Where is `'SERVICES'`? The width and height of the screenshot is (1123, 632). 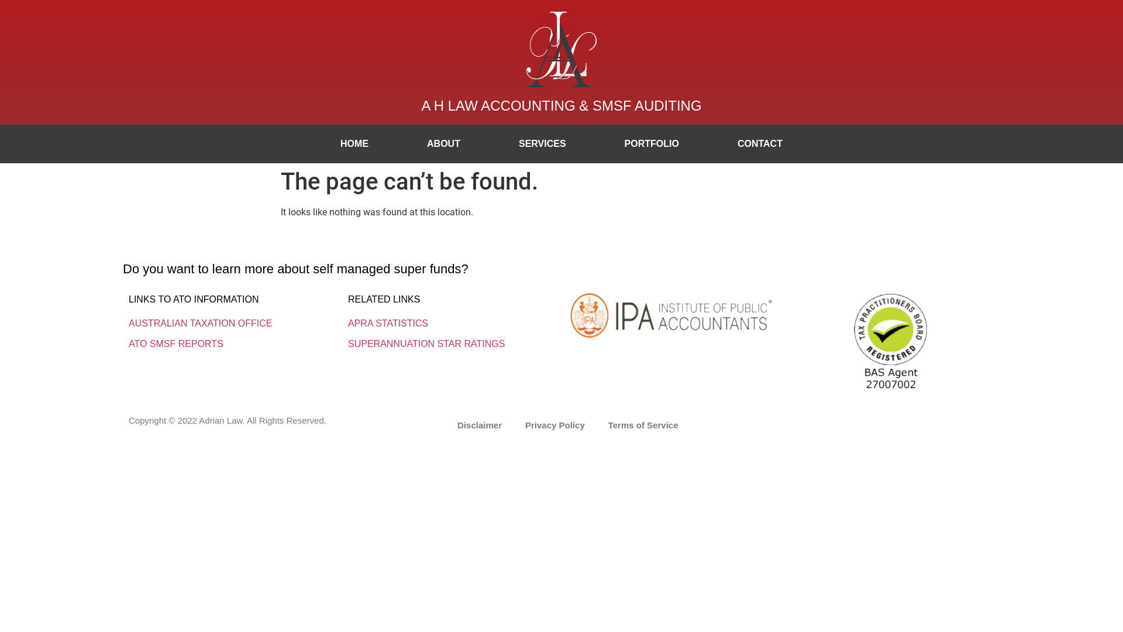 'SERVICES' is located at coordinates (489, 143).